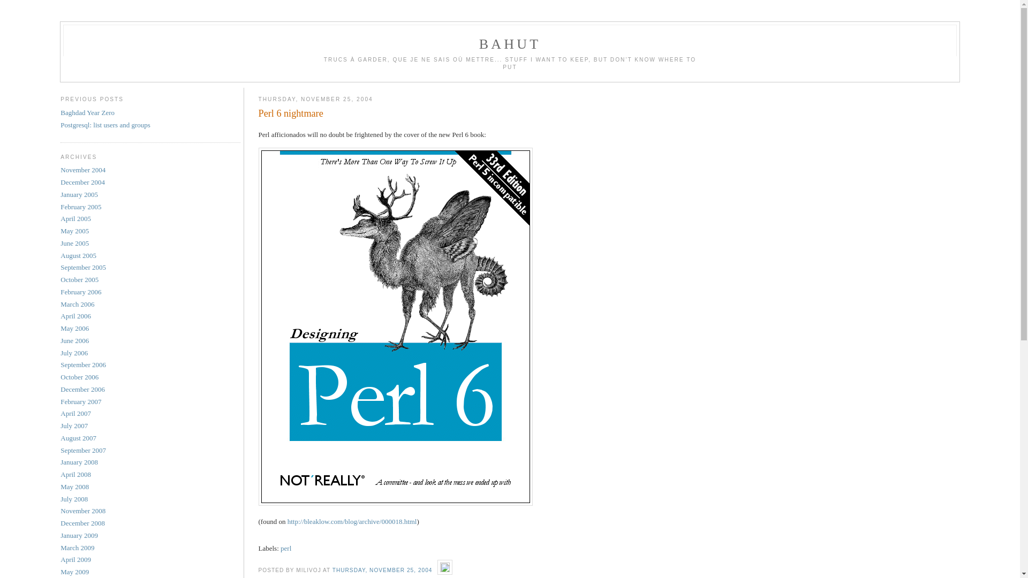 The height and width of the screenshot is (578, 1028). What do you see at coordinates (78, 255) in the screenshot?
I see `'August 2005'` at bounding box center [78, 255].